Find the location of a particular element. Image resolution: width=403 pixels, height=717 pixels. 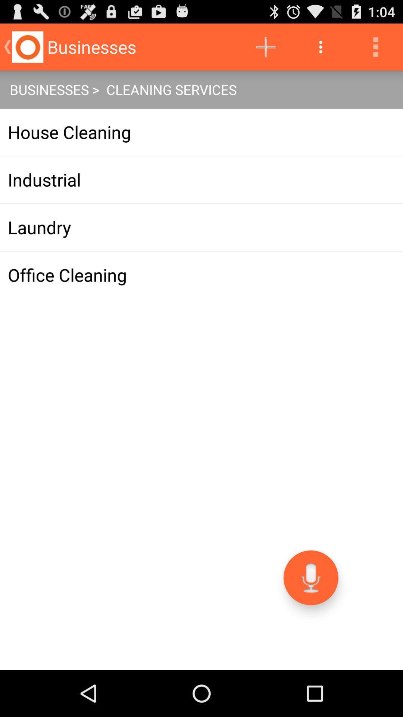

item to the right of the businesses is located at coordinates (265, 46).